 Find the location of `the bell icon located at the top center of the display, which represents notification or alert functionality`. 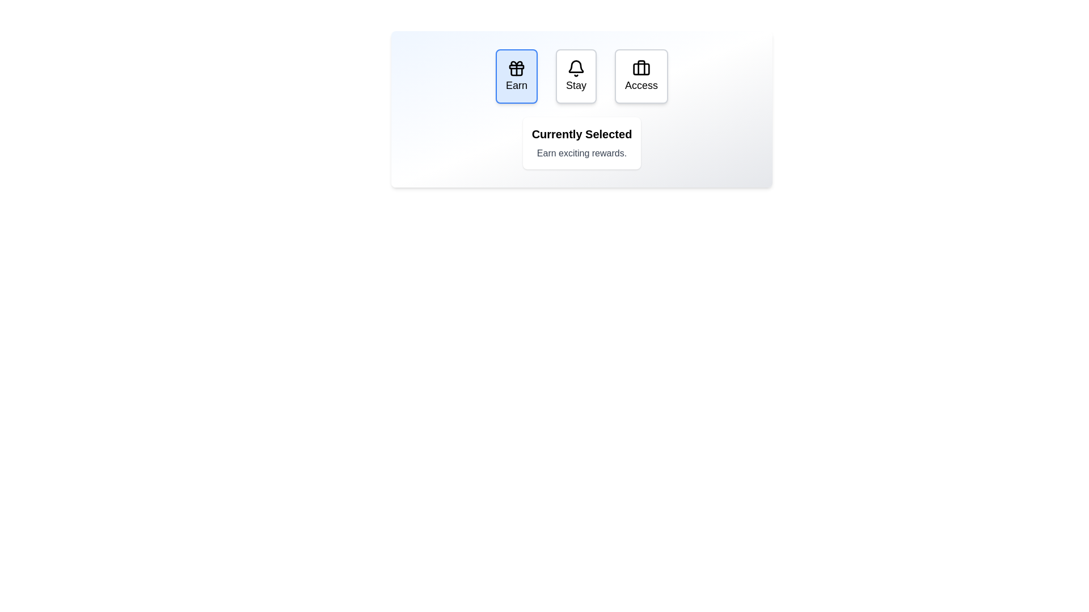

the bell icon located at the top center of the display, which represents notification or alert functionality is located at coordinates (576, 66).